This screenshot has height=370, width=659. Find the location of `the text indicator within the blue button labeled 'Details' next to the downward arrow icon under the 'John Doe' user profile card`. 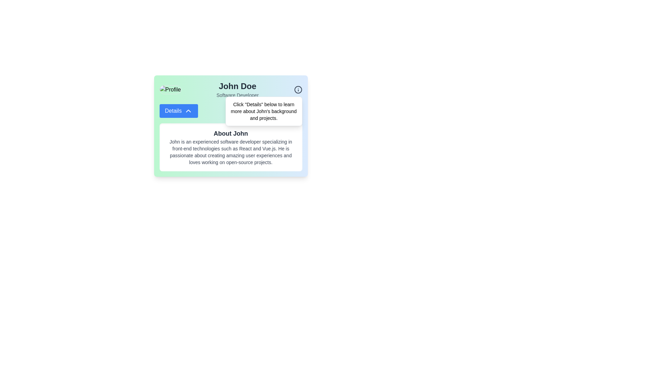

the text indicator within the blue button labeled 'Details' next to the downward arrow icon under the 'John Doe' user profile card is located at coordinates (173, 111).